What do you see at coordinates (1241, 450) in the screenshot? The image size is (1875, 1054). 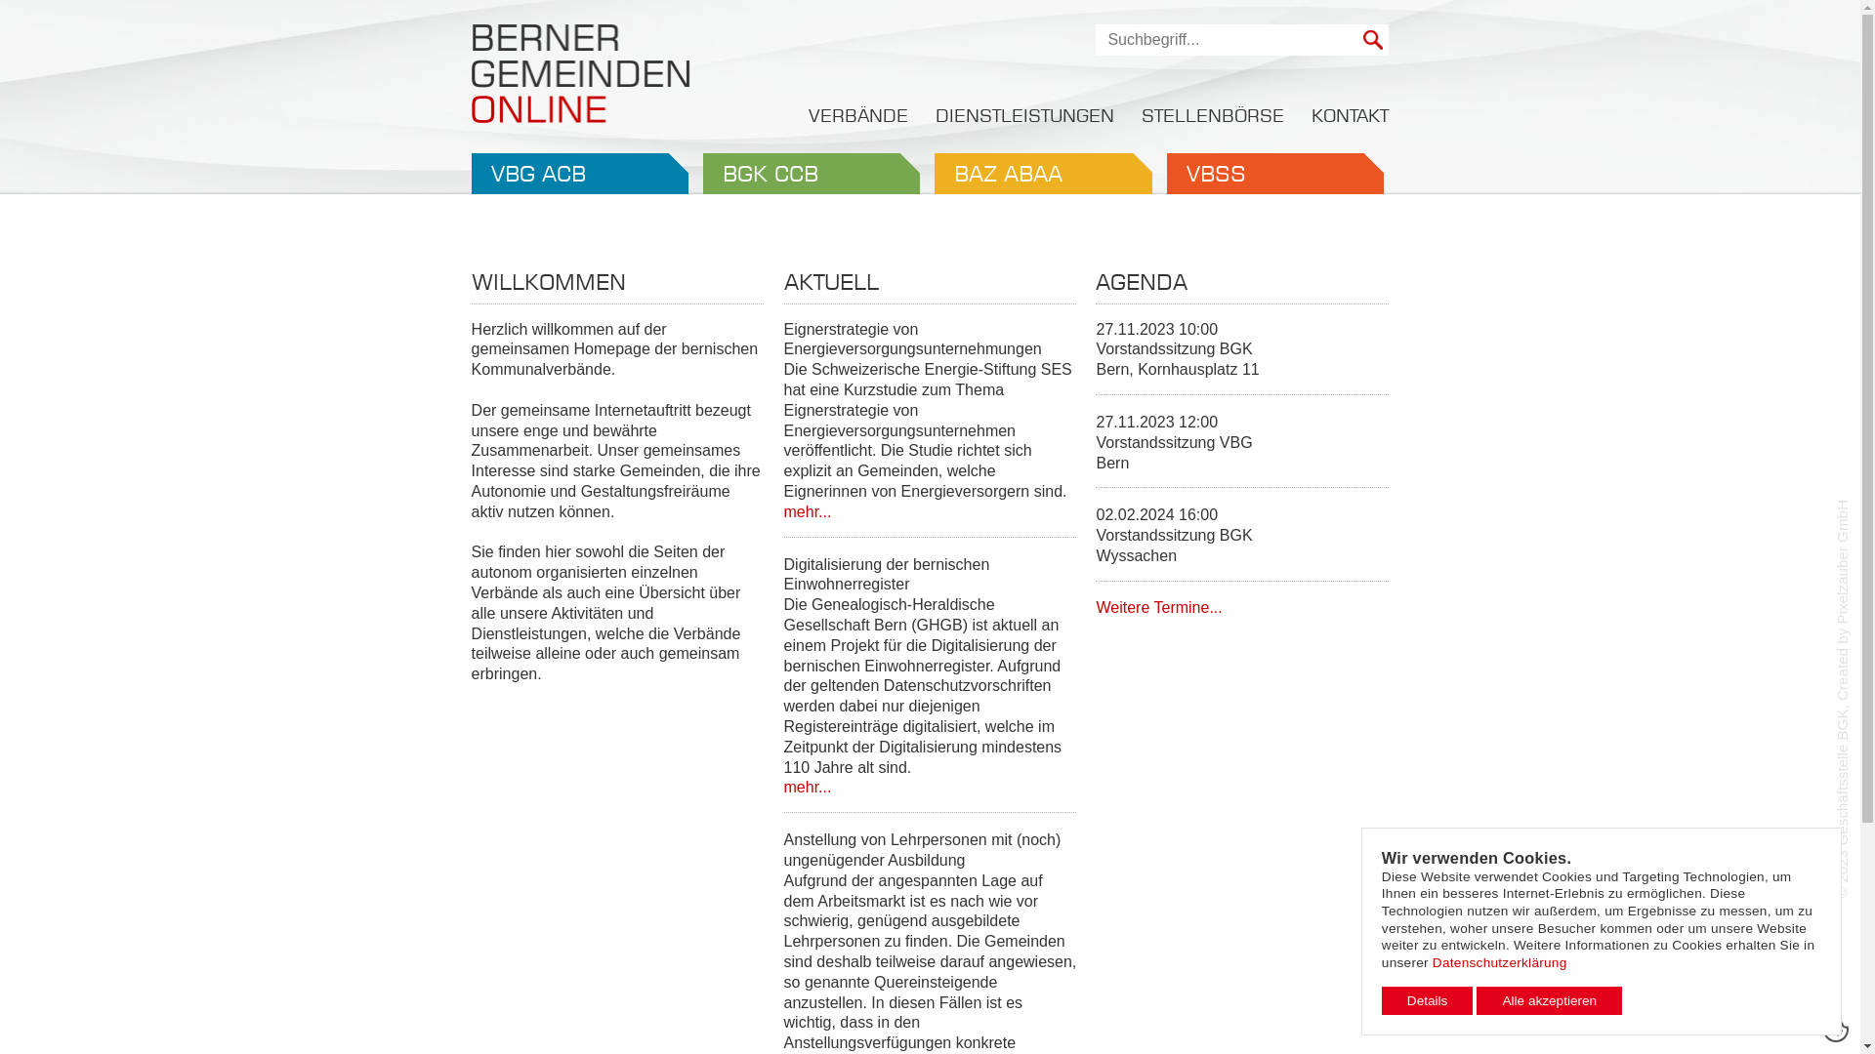 I see `'27.11.2023 12:00` at bounding box center [1241, 450].